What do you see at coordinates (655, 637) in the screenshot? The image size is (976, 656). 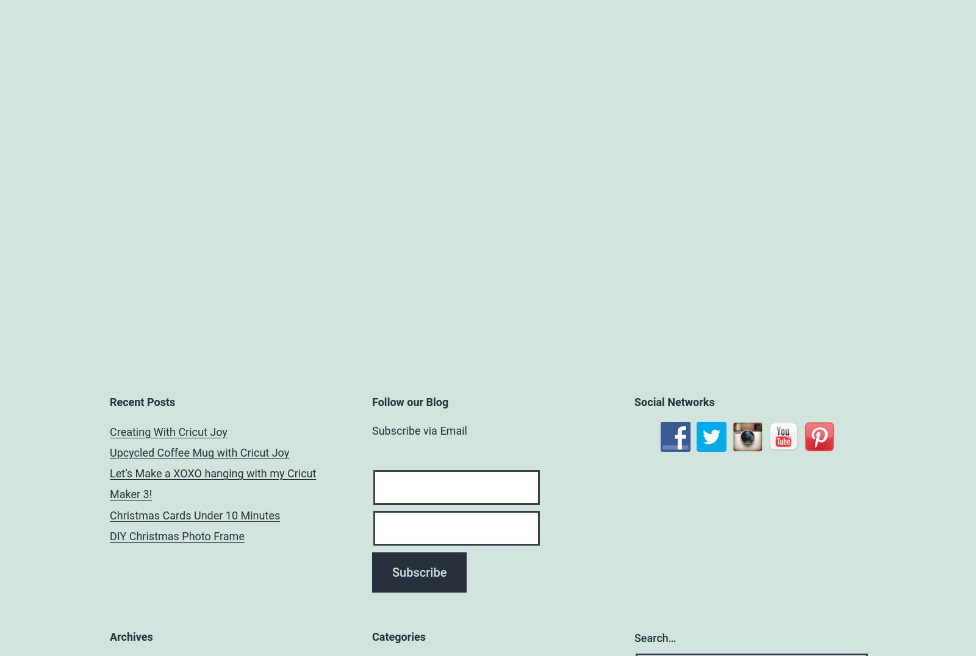 I see `'Search…'` at bounding box center [655, 637].